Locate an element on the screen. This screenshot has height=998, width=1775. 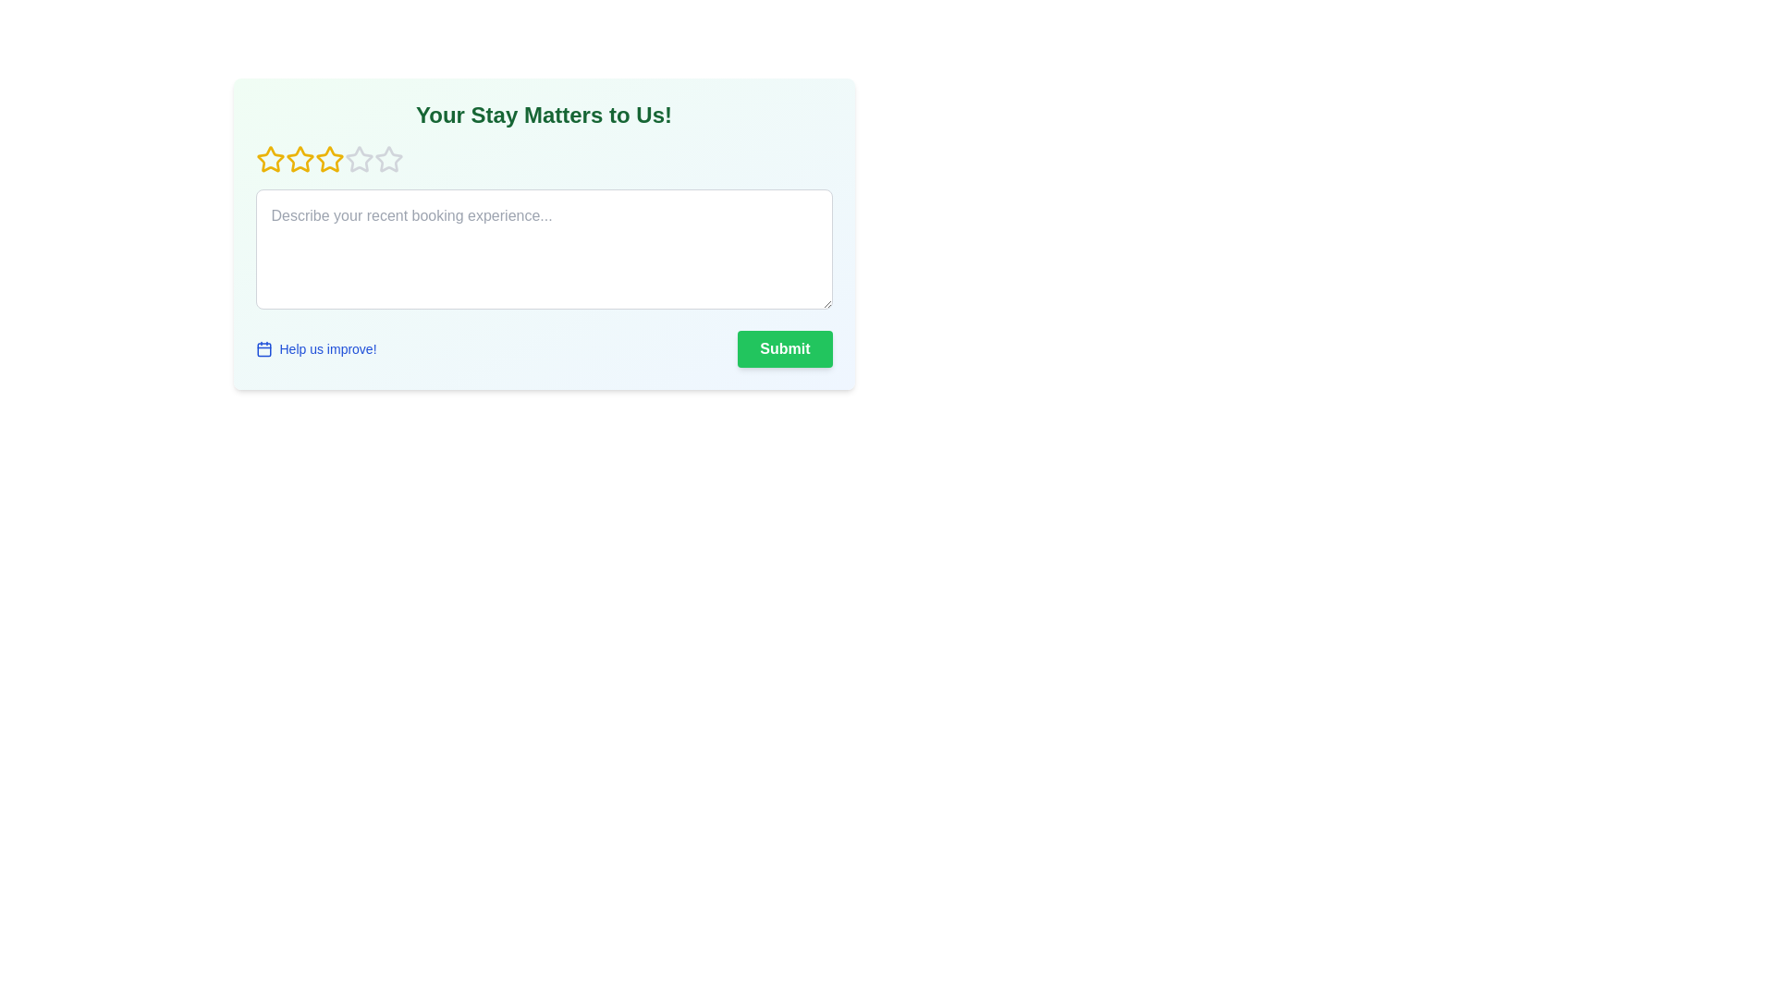
the rating to 4 stars by clicking the corresponding star icon is located at coordinates (359, 159).